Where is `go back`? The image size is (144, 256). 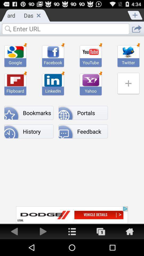 go back is located at coordinates (14, 231).